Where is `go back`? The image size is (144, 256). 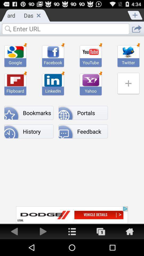 go back is located at coordinates (14, 231).